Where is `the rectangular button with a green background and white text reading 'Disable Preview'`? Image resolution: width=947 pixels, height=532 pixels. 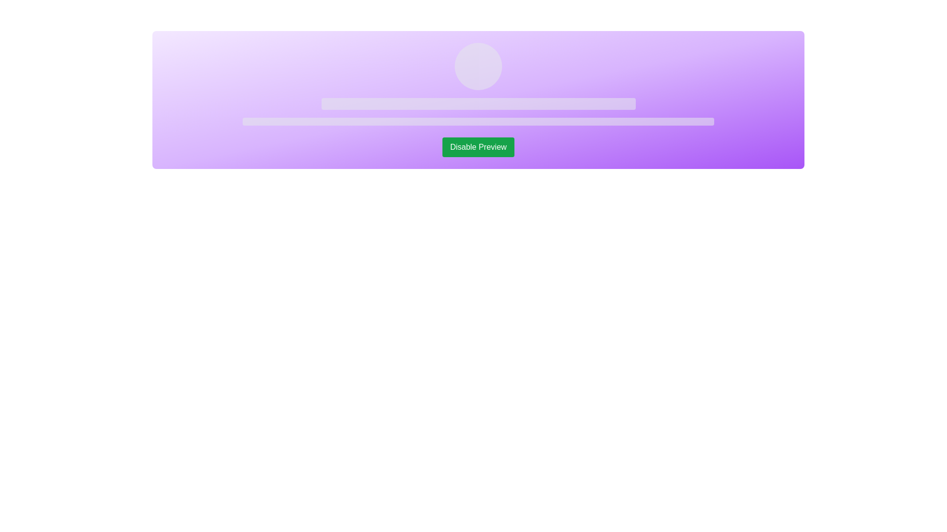
the rectangular button with a green background and white text reading 'Disable Preview' is located at coordinates (478, 147).